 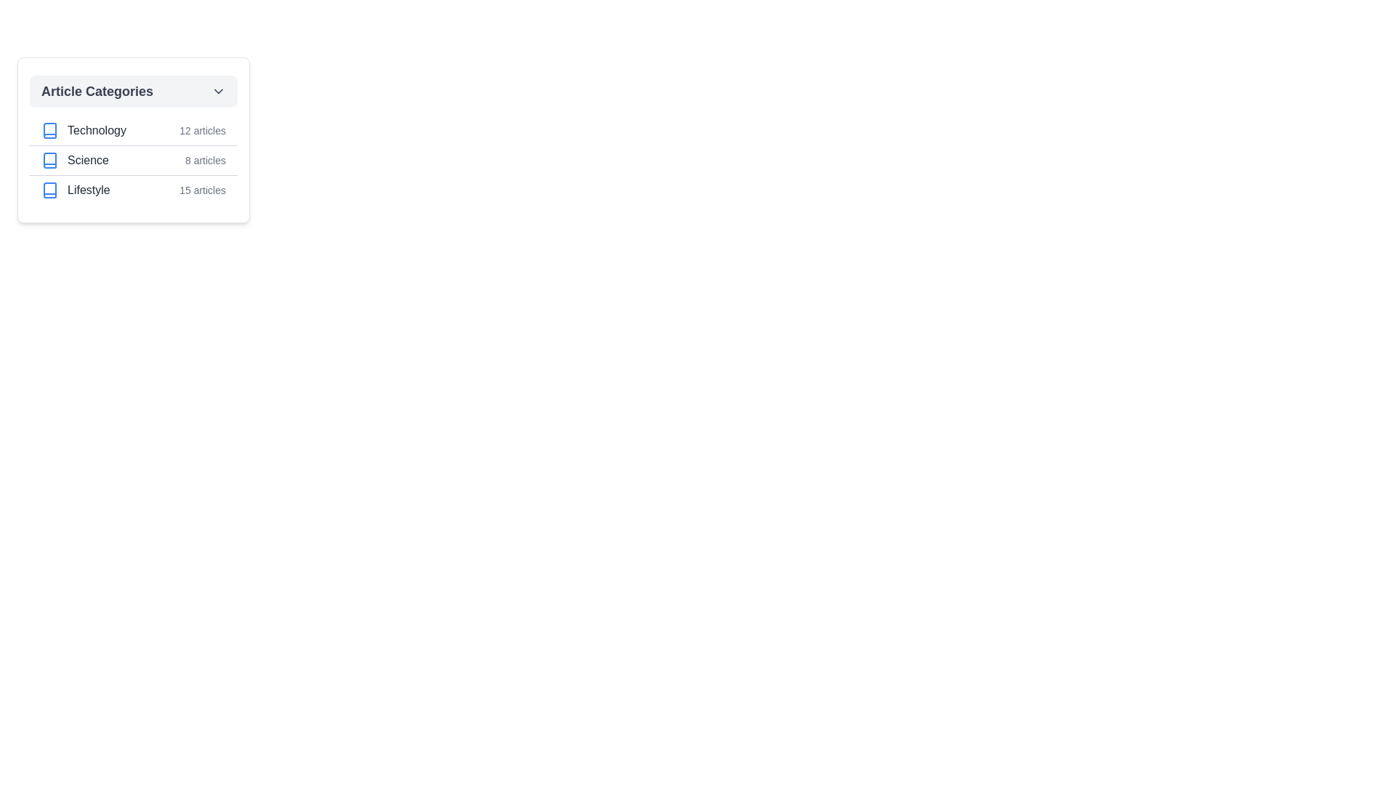 What do you see at coordinates (133, 92) in the screenshot?
I see `the 'Article Categories' interactive header element` at bounding box center [133, 92].